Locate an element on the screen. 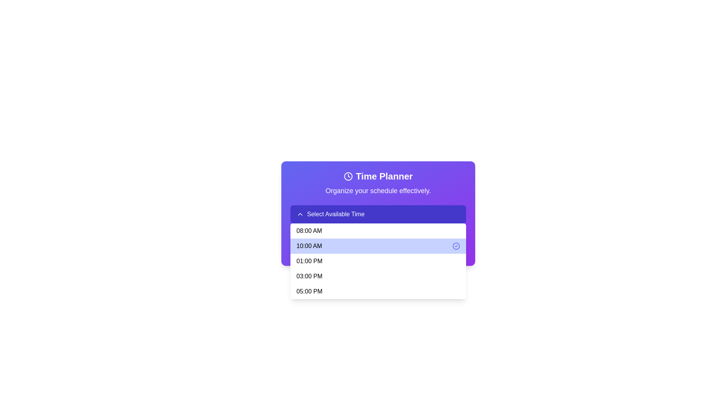 This screenshot has width=727, height=409. the circle with a purple stroke that serves as the outer boundary of the clock icon, located at the top center of the interface, above the 'Time Planner' text is located at coordinates (348, 176).